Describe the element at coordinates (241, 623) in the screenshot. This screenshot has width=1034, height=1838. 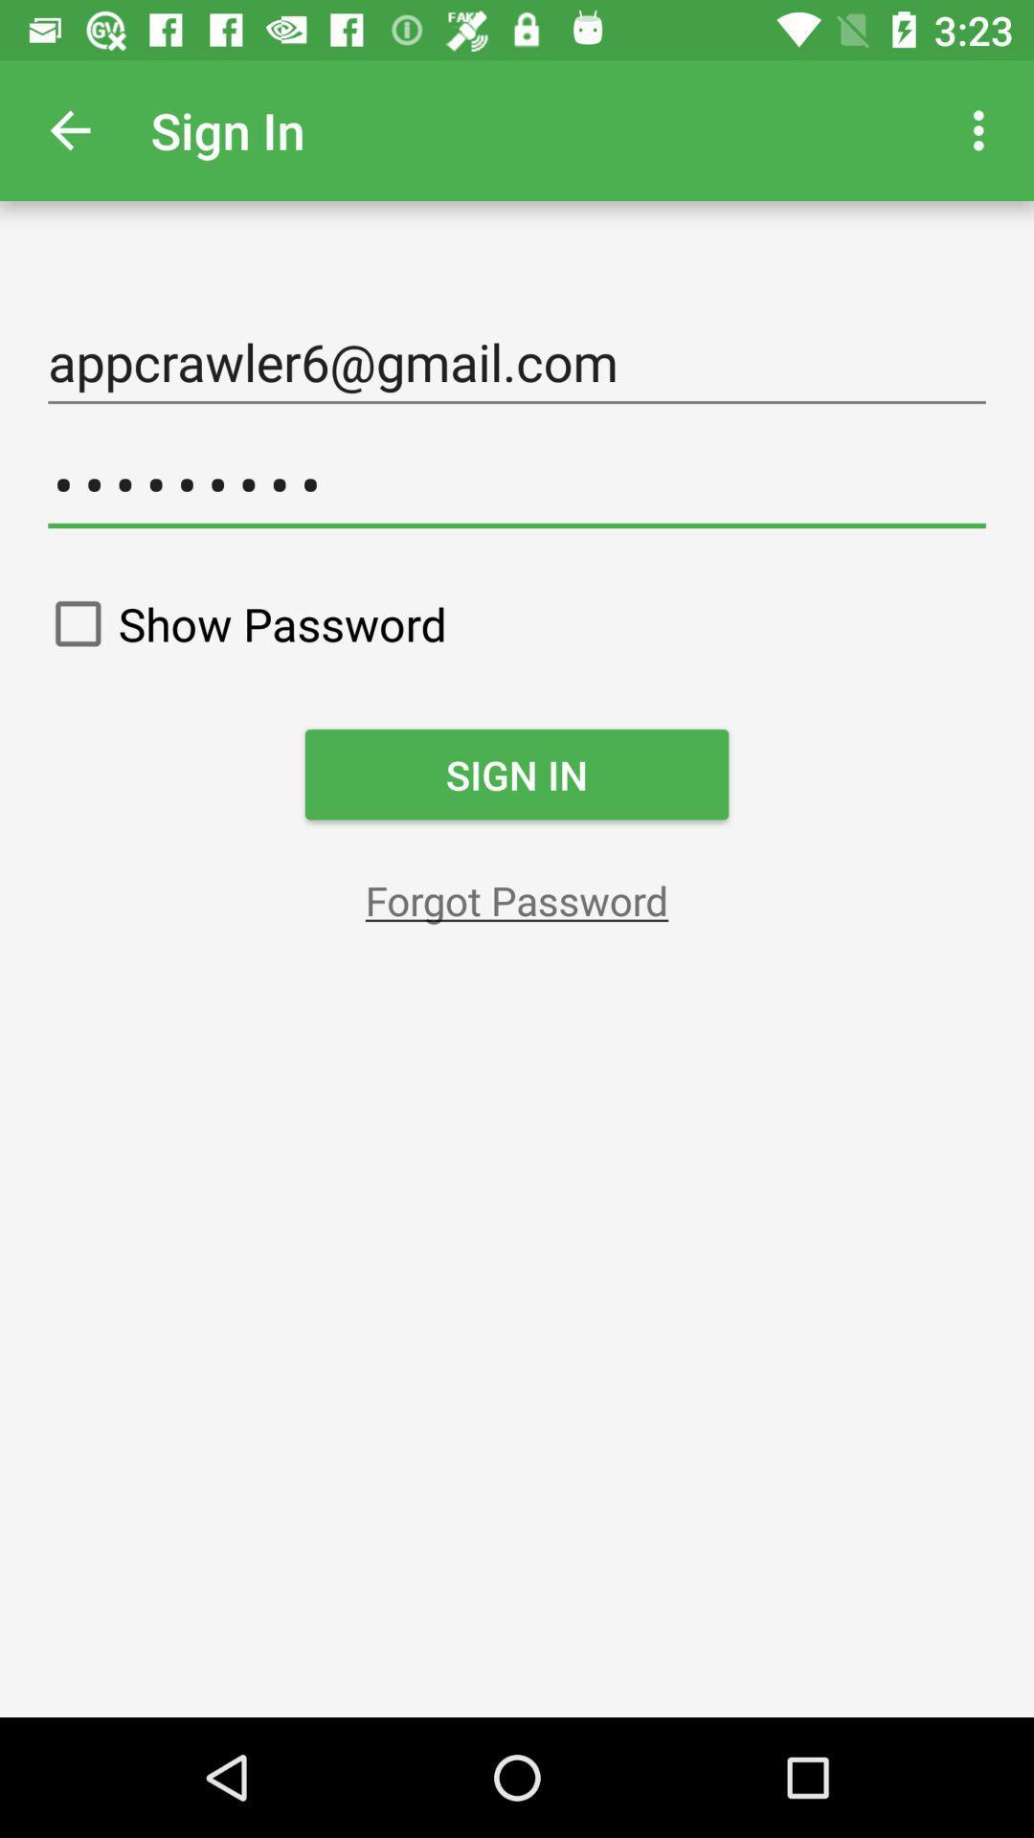
I see `icon above sign in` at that location.